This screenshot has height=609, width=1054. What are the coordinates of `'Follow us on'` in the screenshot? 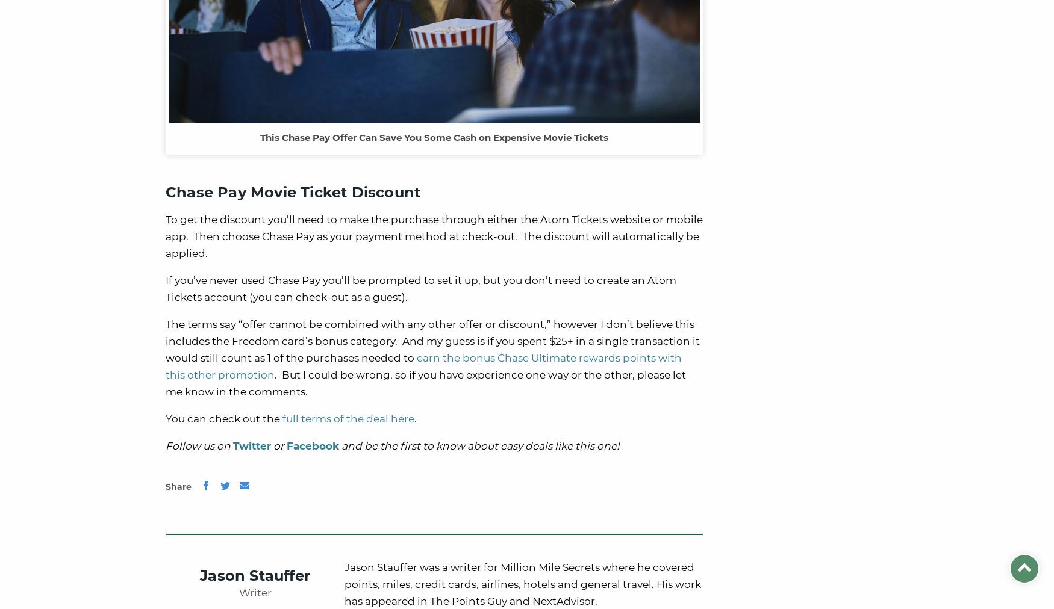 It's located at (199, 445).